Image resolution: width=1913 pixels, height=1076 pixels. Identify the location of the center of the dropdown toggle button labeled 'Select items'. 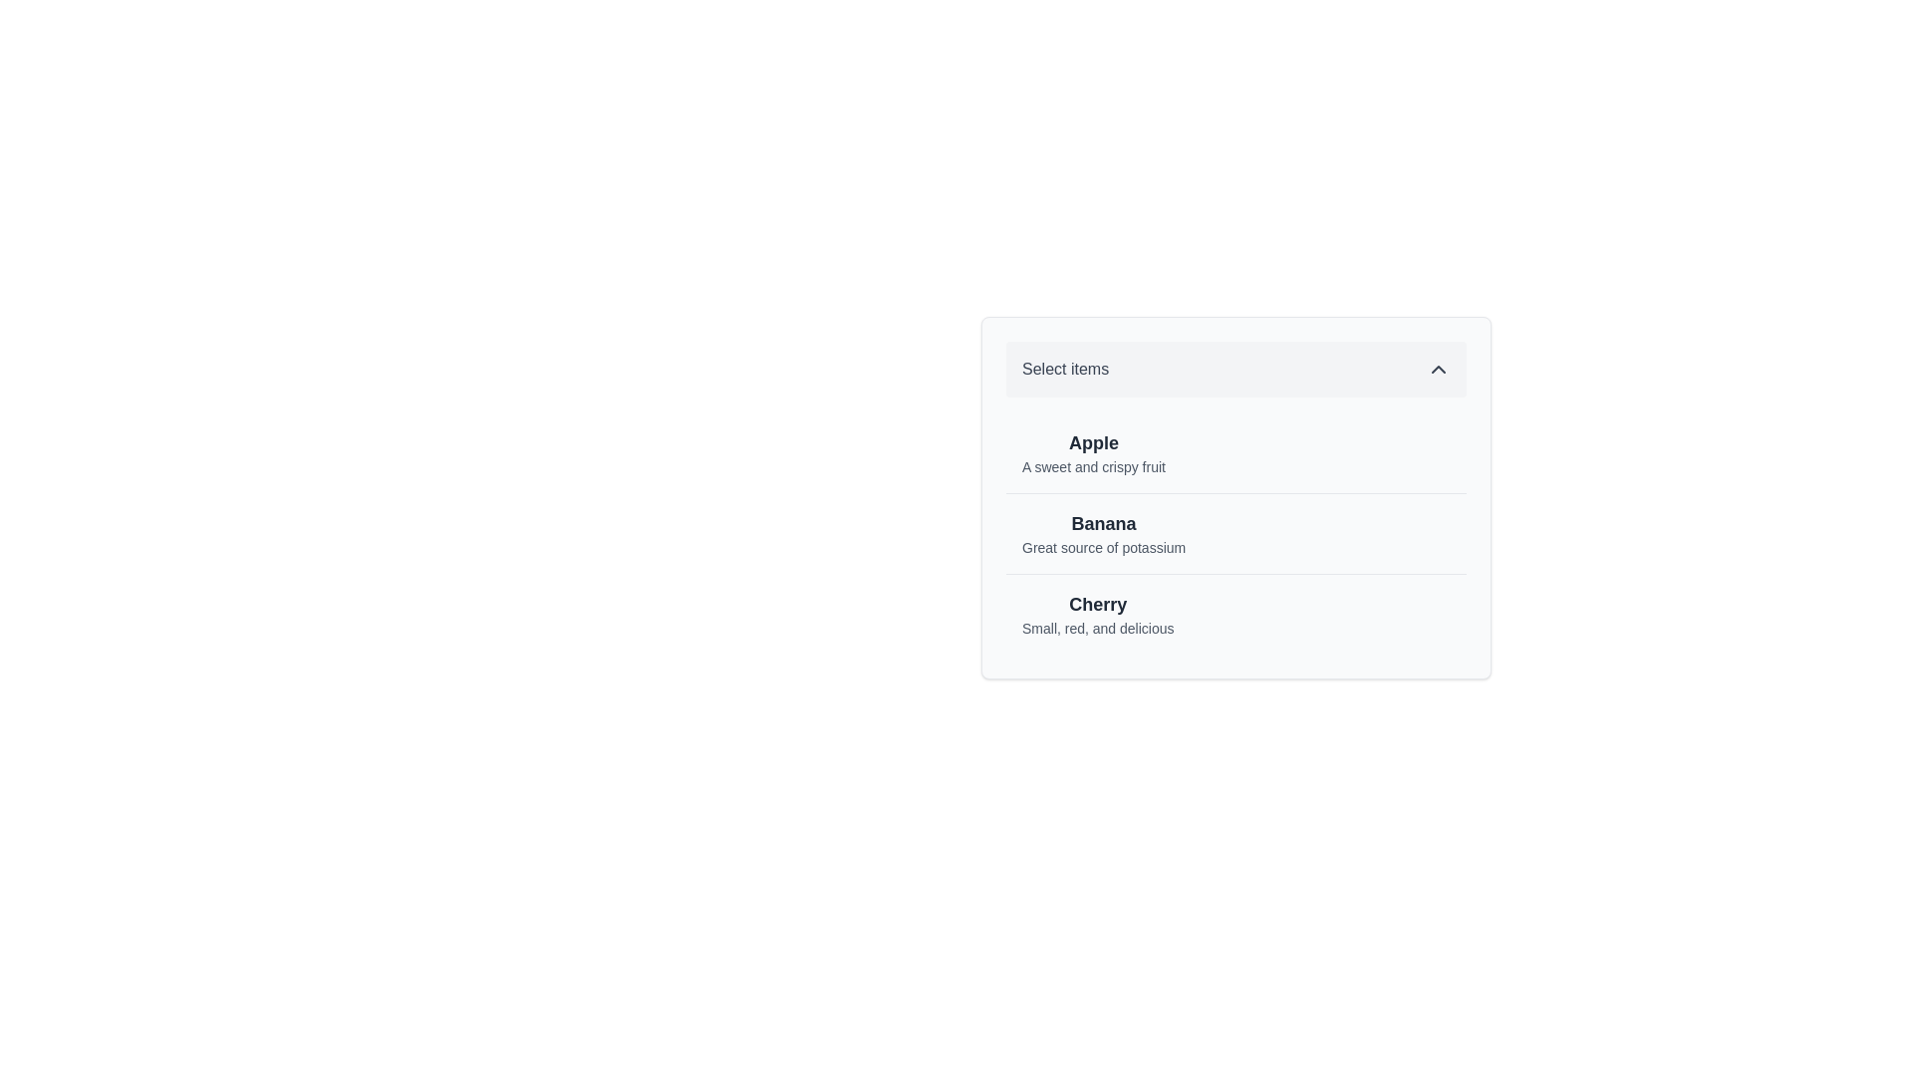
(1235, 369).